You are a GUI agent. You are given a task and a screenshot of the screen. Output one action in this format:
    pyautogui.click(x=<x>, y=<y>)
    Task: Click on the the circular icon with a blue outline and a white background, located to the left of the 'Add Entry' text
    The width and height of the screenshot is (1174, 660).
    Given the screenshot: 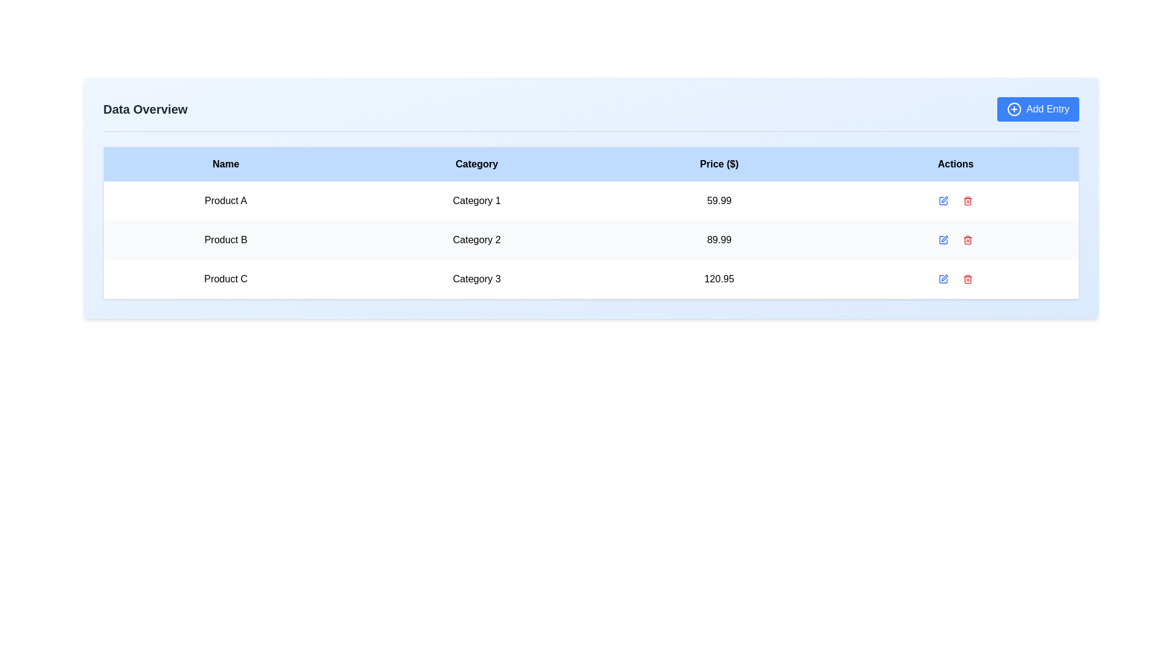 What is the action you would take?
    pyautogui.click(x=1014, y=108)
    